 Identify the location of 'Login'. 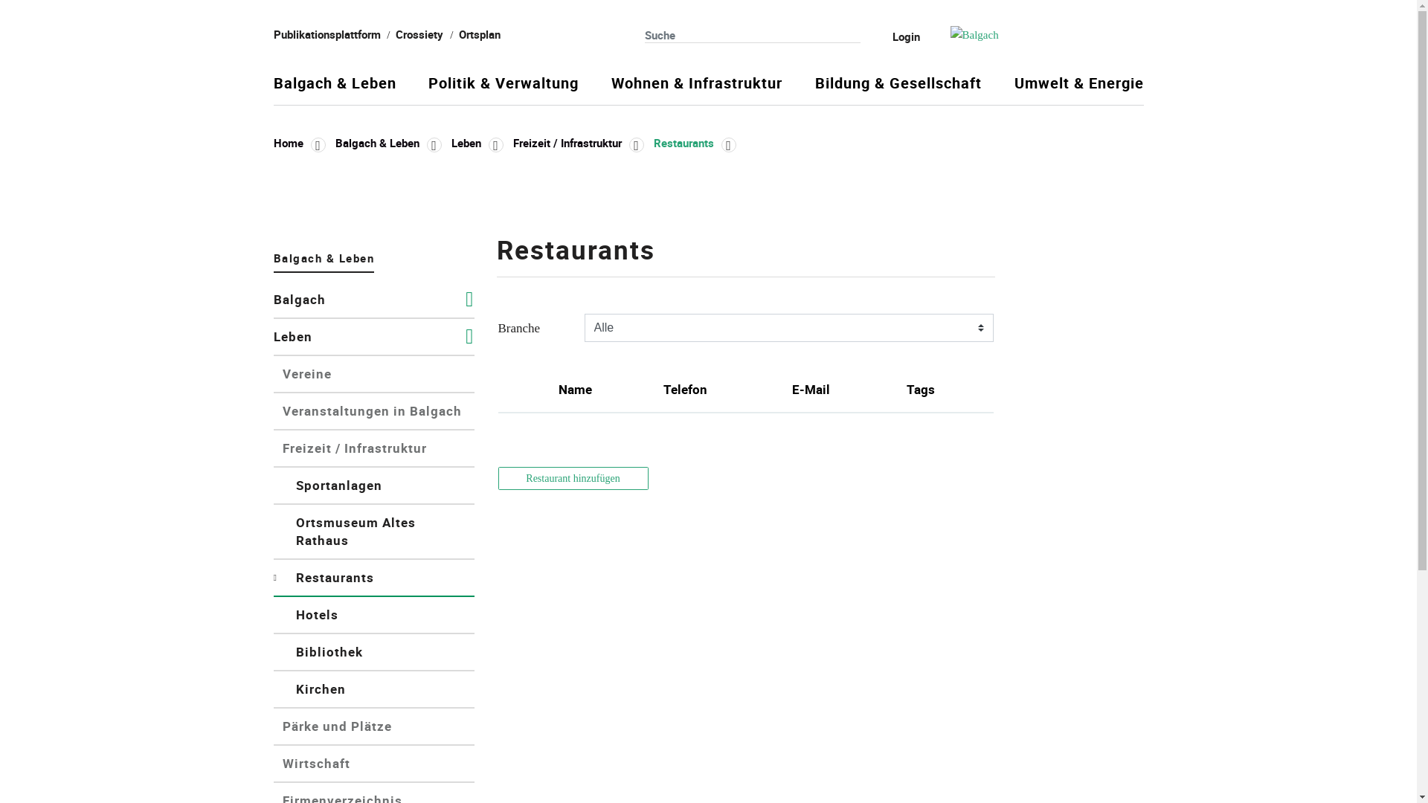
(895, 36).